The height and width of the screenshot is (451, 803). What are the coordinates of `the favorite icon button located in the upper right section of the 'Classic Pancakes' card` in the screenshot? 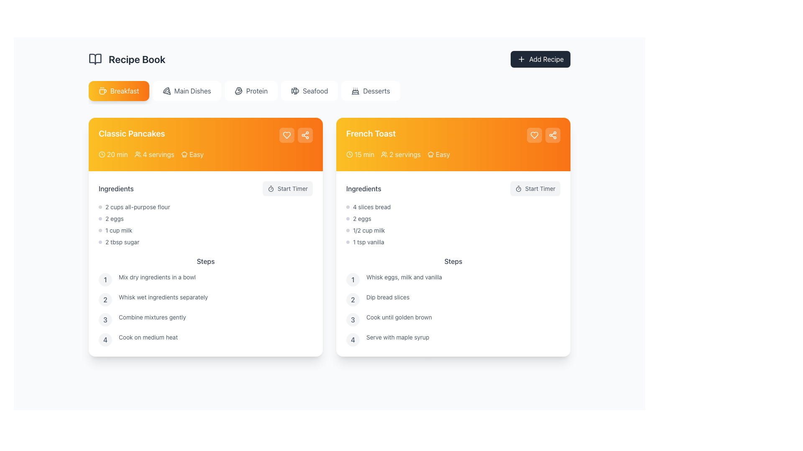 It's located at (287, 135).